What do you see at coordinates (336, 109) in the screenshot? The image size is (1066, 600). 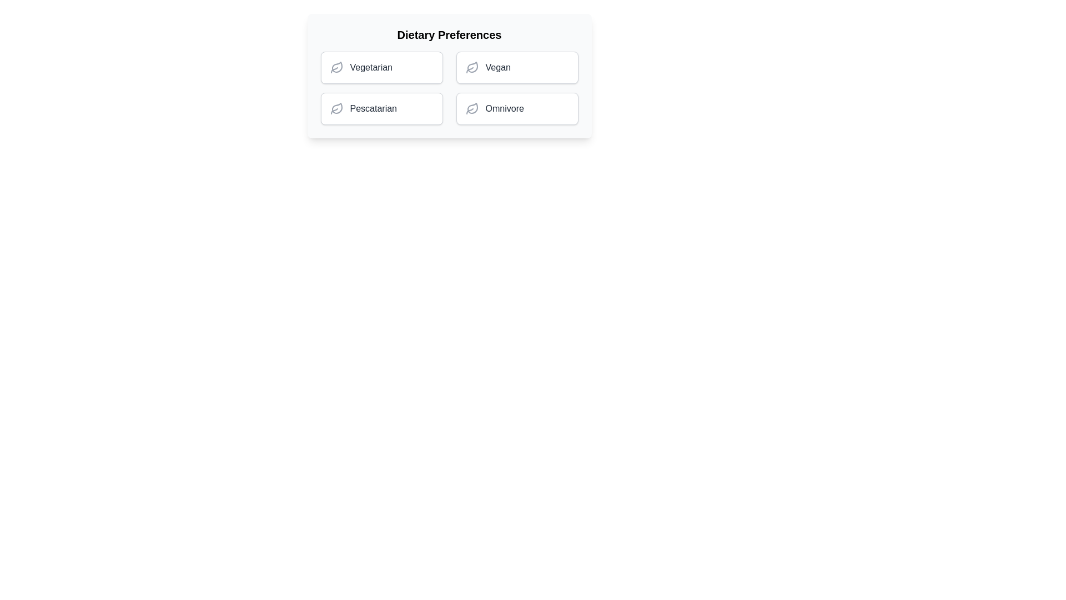 I see `the leaf icon located in the 'Pescatarian' block` at bounding box center [336, 109].